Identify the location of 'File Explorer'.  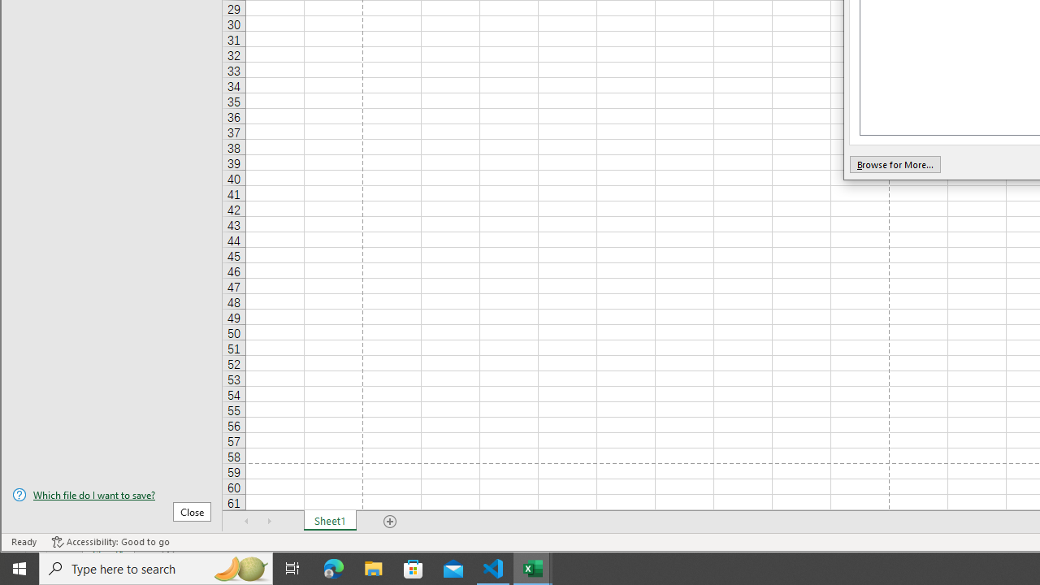
(373, 567).